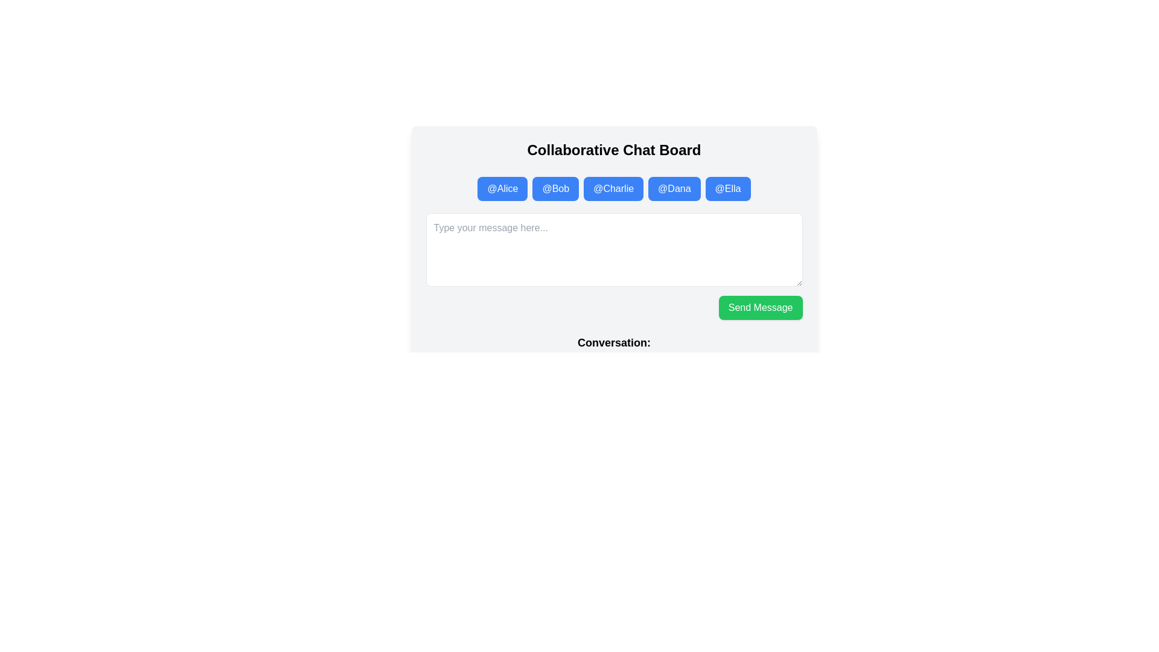  What do you see at coordinates (727, 188) in the screenshot?
I see `the '@Ella' button in the collaborative chat application` at bounding box center [727, 188].